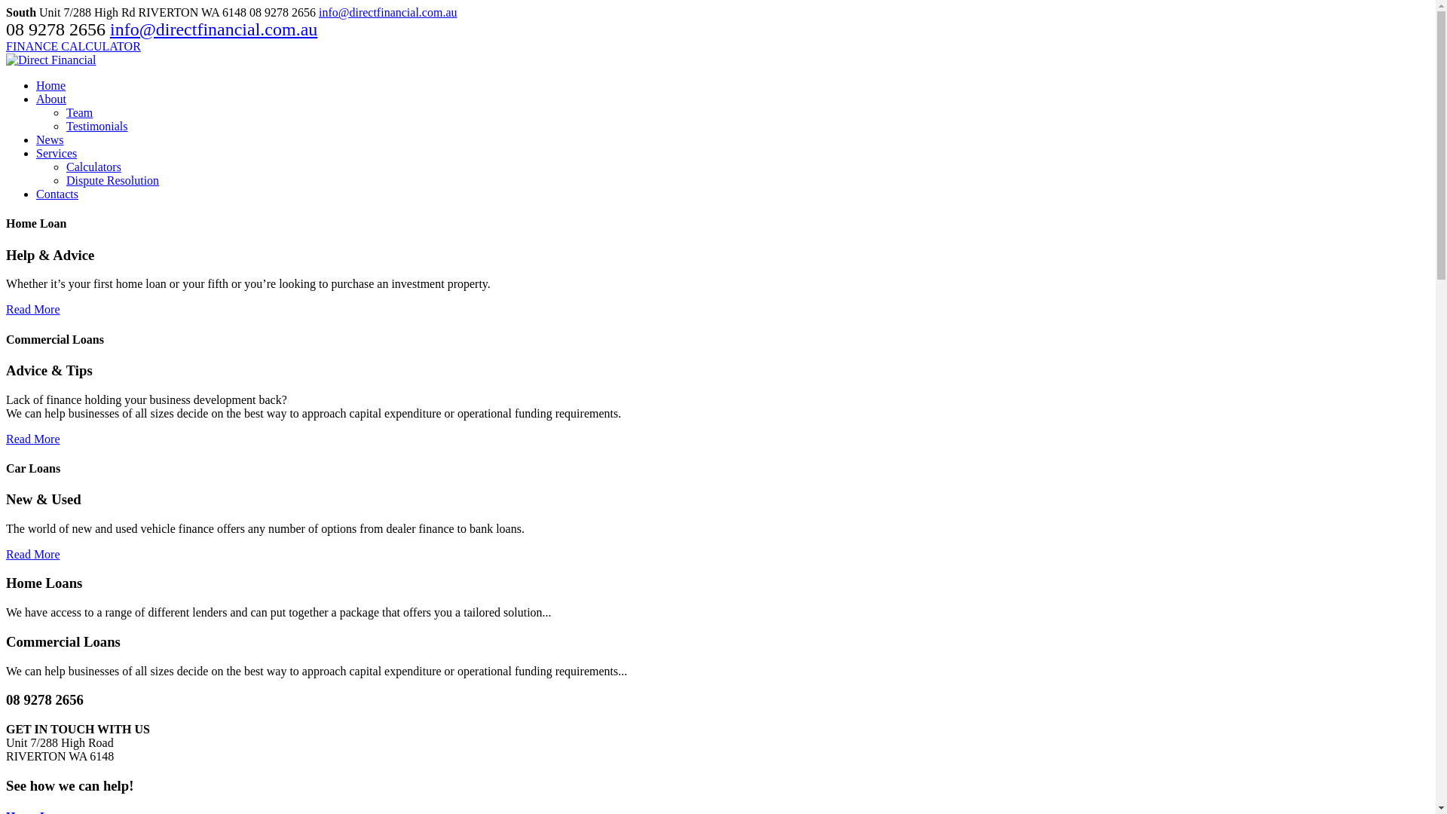 Image resolution: width=1447 pixels, height=814 pixels. What do you see at coordinates (50, 99) in the screenshot?
I see `'About'` at bounding box center [50, 99].